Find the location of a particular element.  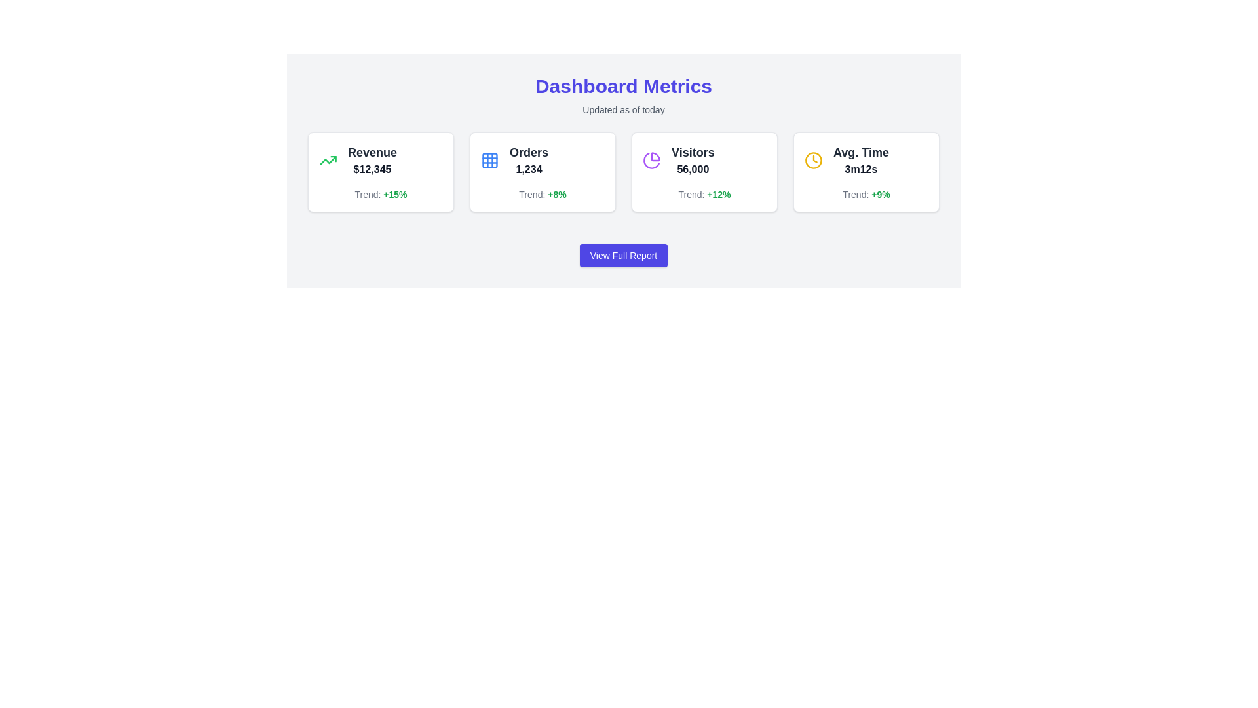

displayed trend value from the text label located in the bottom-left card of the overview dashboard, which shows a 15% increase related to the revenue figure is located at coordinates (394, 195).